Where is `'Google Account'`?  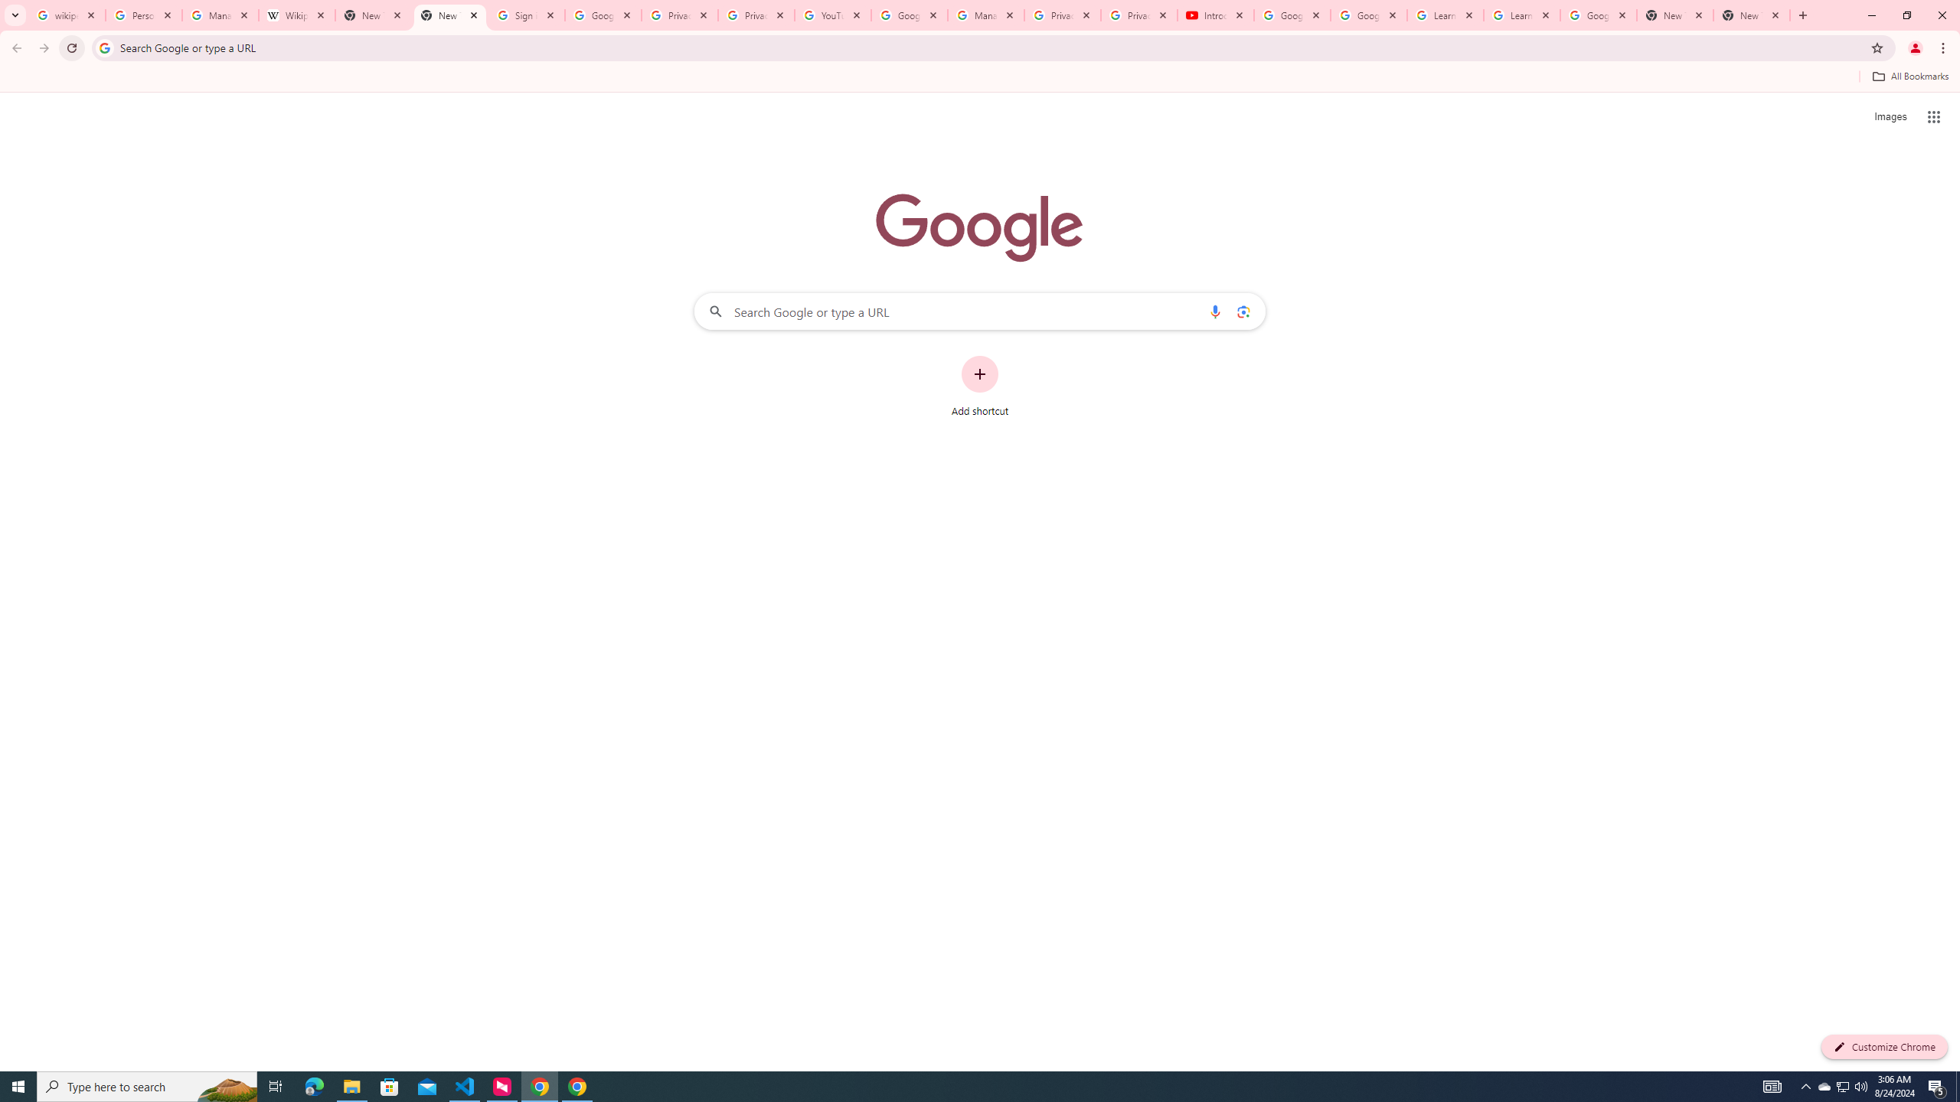 'Google Account' is located at coordinates (1598, 15).